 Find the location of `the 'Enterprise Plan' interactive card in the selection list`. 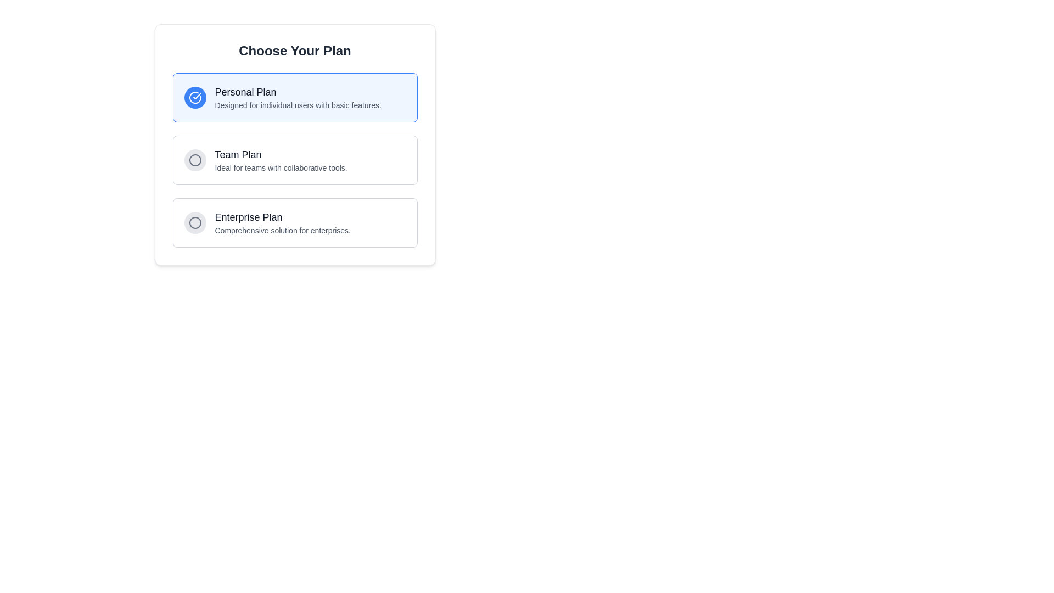

the 'Enterprise Plan' interactive card in the selection list is located at coordinates (295, 222).